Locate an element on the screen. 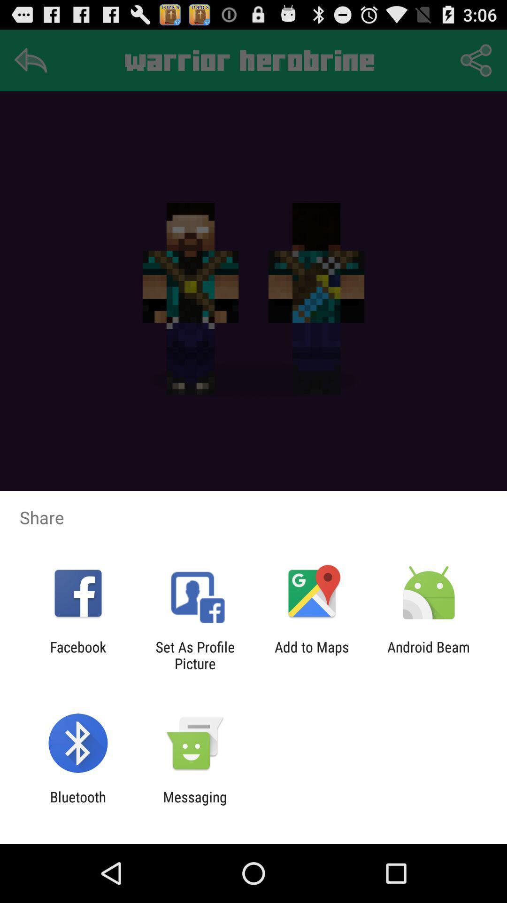 Image resolution: width=507 pixels, height=903 pixels. the messaging is located at coordinates (194, 805).